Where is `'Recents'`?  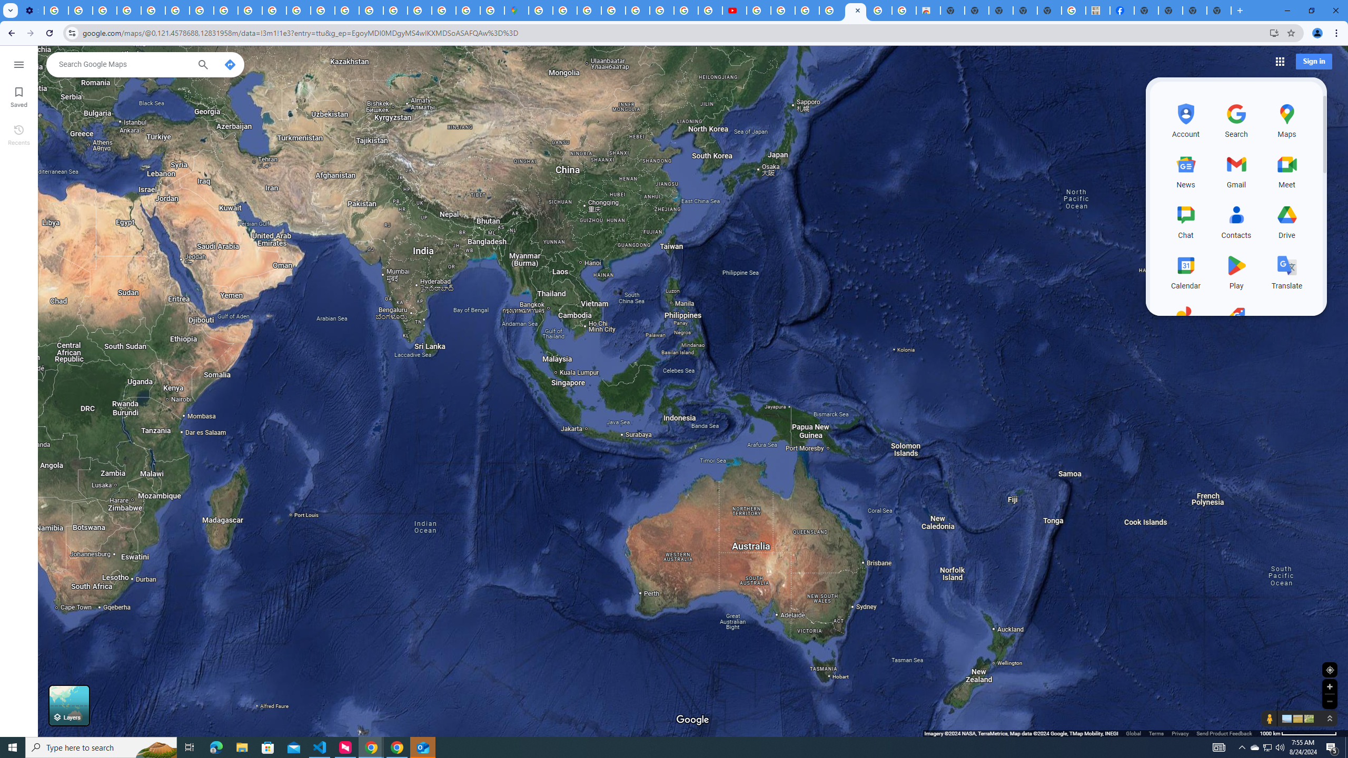 'Recents' is located at coordinates (18, 134).